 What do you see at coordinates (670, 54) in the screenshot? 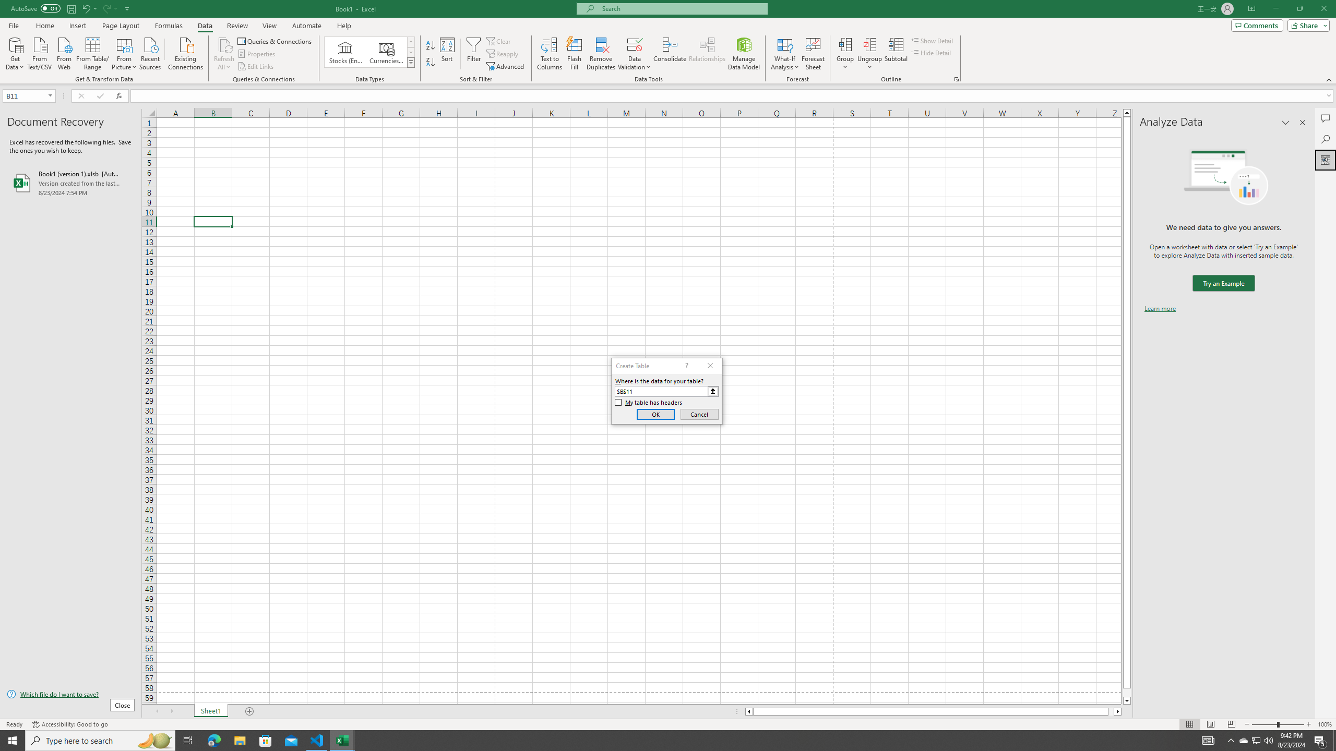
I see `'Consolidate...'` at bounding box center [670, 54].